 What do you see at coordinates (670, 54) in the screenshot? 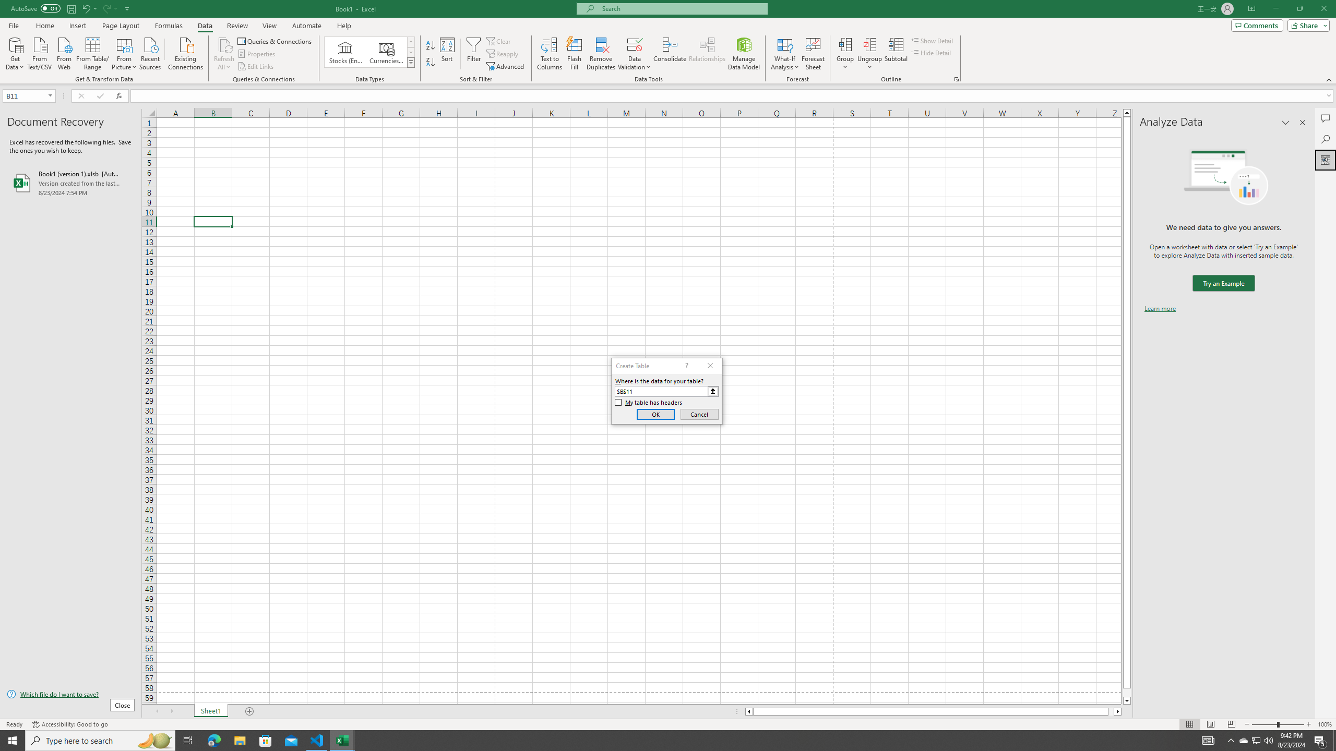
I see `'Consolidate...'` at bounding box center [670, 54].